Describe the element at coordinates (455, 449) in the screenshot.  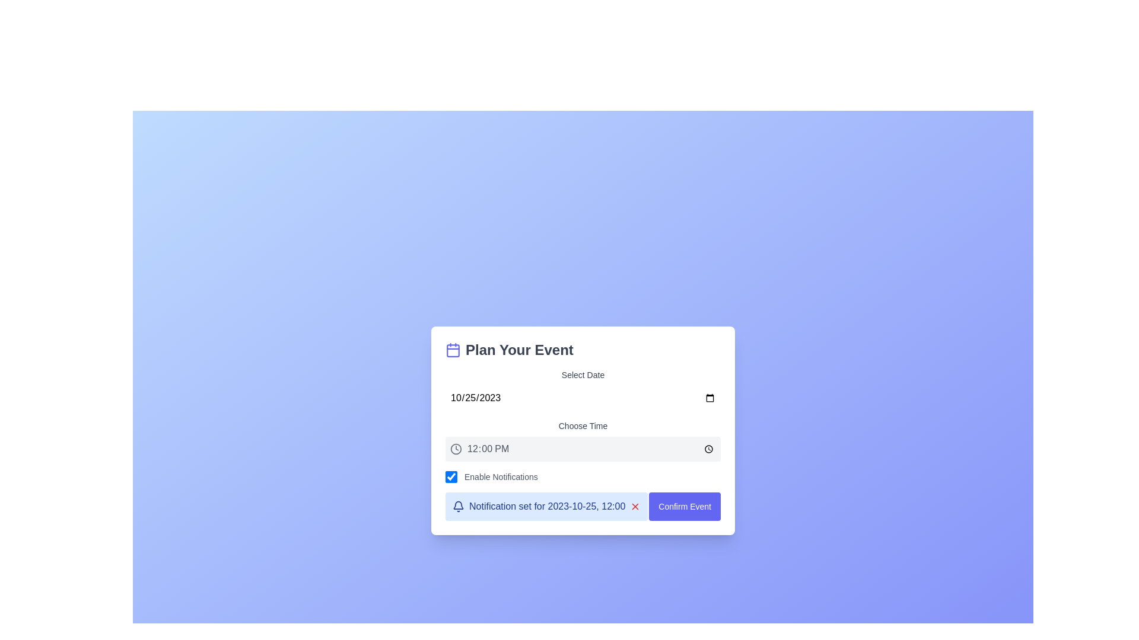
I see `the decorative SVG icon located on the left side of the 'Choose Time' input field` at that location.